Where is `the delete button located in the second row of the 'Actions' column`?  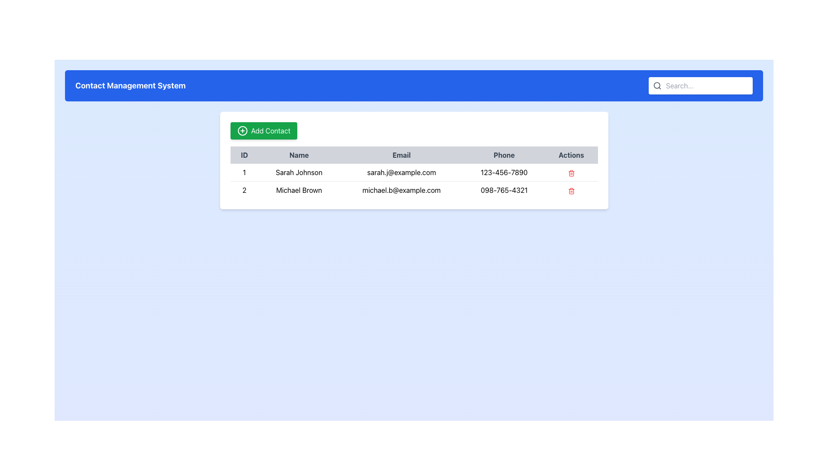
the delete button located in the second row of the 'Actions' column is located at coordinates (571, 190).